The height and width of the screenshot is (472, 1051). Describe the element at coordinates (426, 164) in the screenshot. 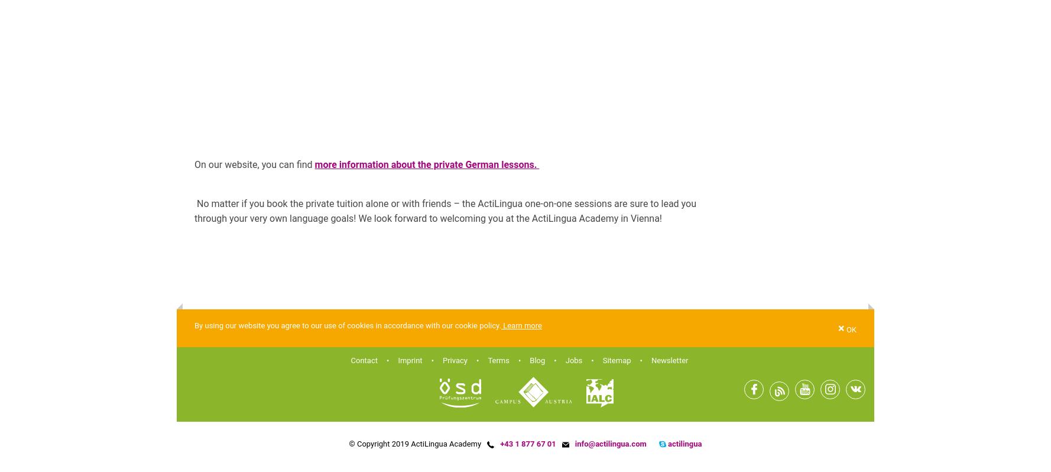

I see `'more information about the private German lessons.'` at that location.